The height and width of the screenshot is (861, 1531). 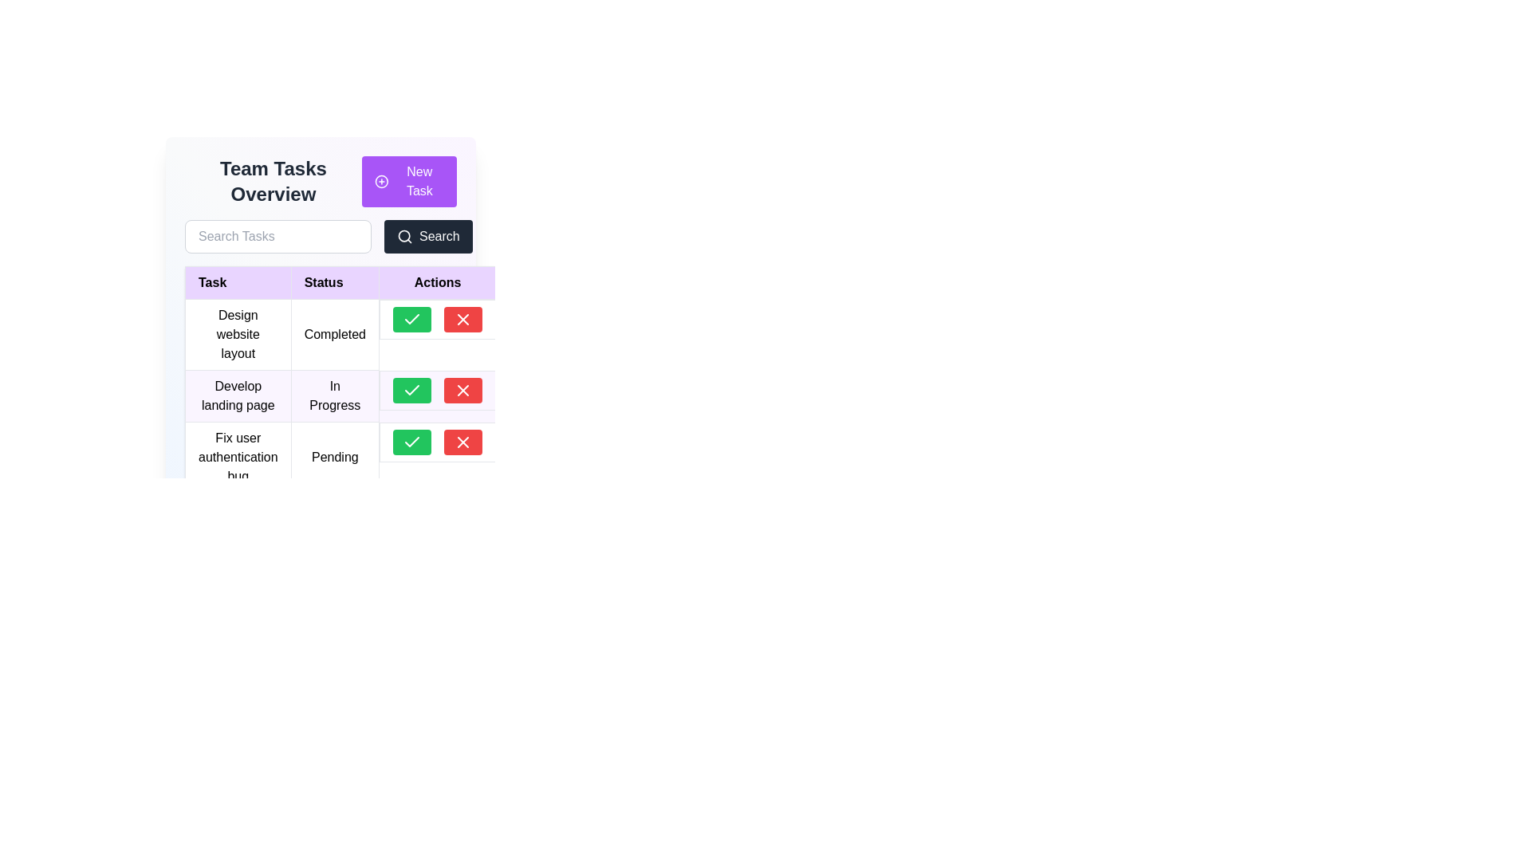 I want to click on the checkmark icon with a green background located in the 'Actions' column of the second row in the table, so click(x=412, y=390).